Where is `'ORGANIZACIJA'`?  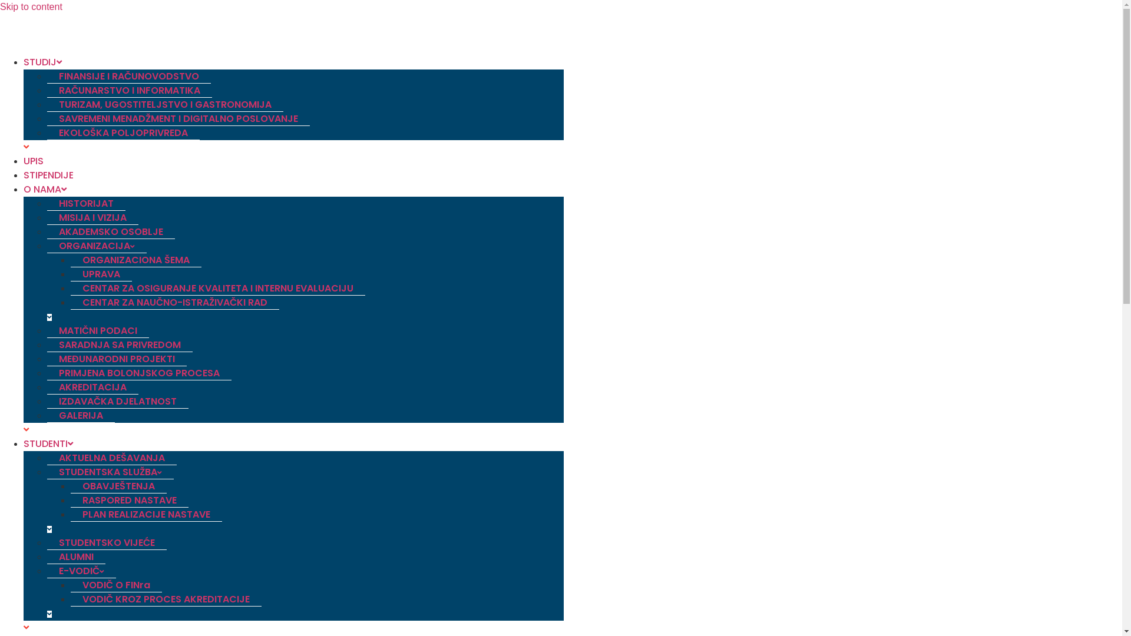 'ORGANIZACIJA' is located at coordinates (97, 245).